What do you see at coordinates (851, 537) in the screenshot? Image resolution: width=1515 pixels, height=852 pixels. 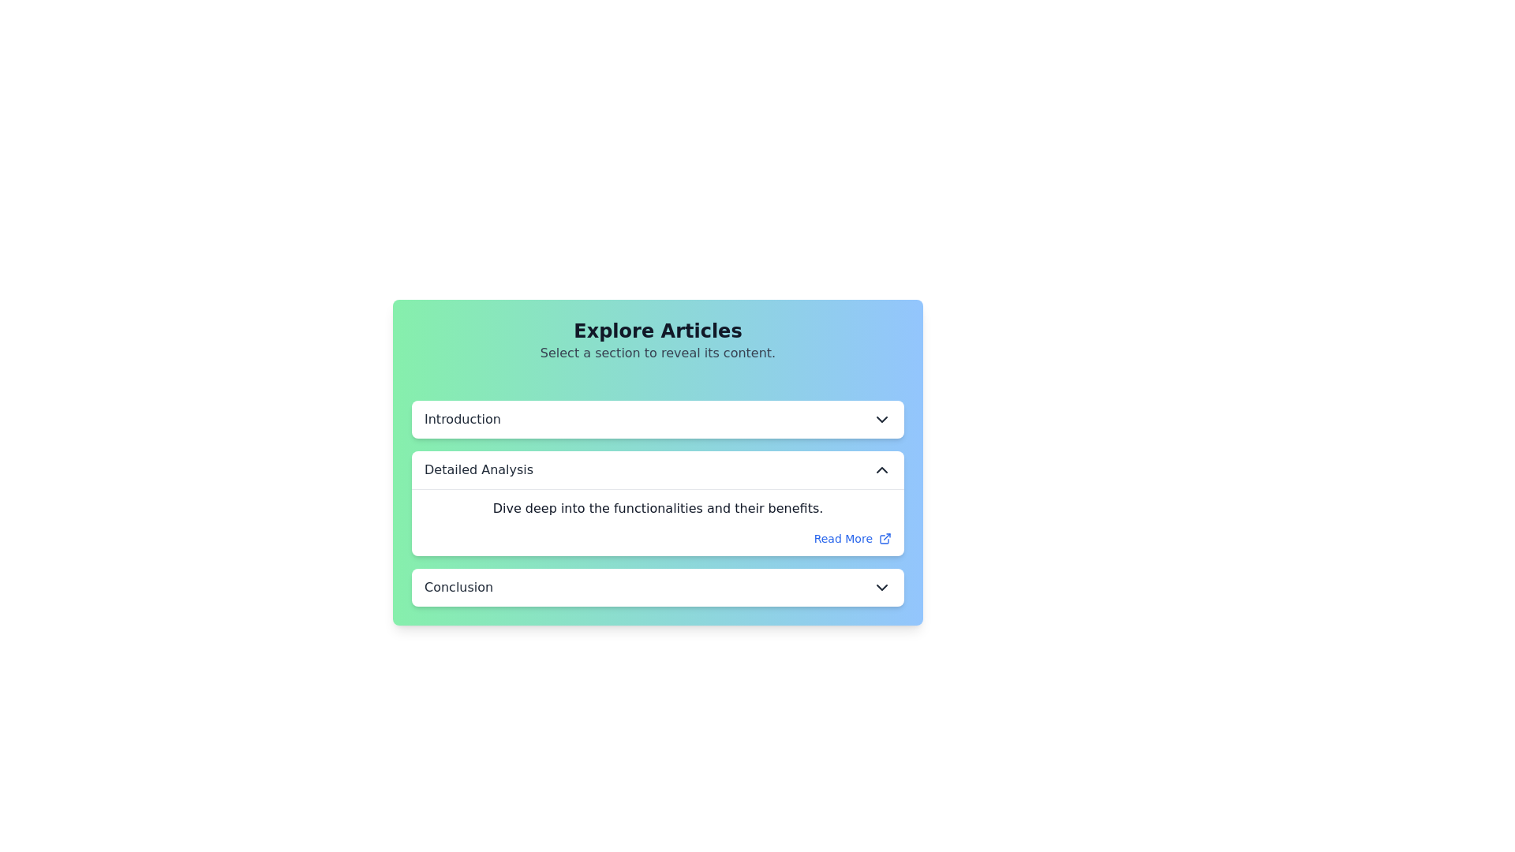 I see `the navigational link with an external icon located at the bottom-right of the expanded 'Detailed Analysis' section` at bounding box center [851, 537].